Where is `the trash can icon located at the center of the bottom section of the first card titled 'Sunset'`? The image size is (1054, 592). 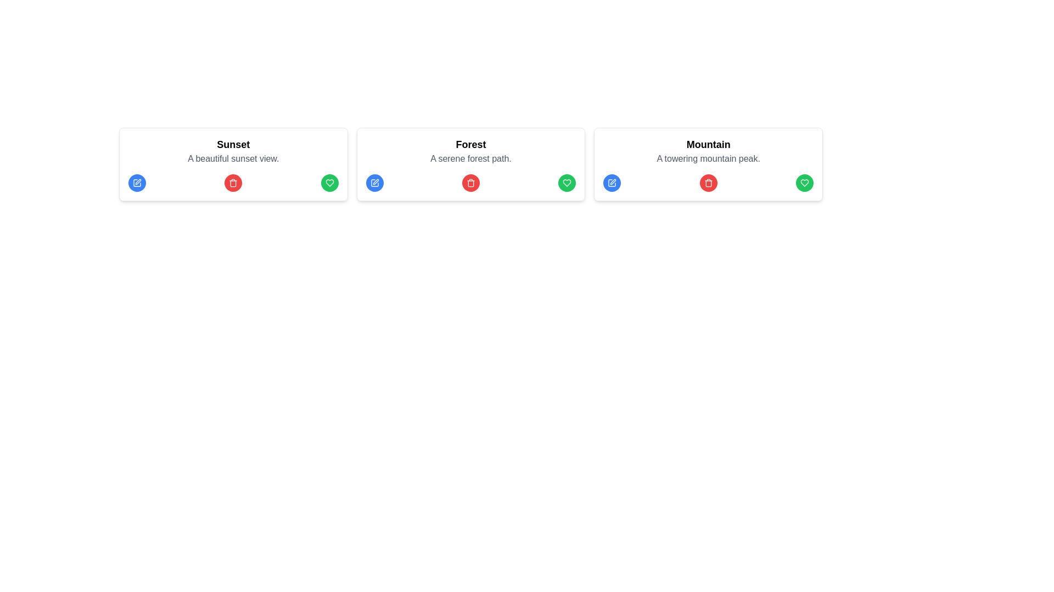
the trash can icon located at the center of the bottom section of the first card titled 'Sunset' is located at coordinates (233, 183).